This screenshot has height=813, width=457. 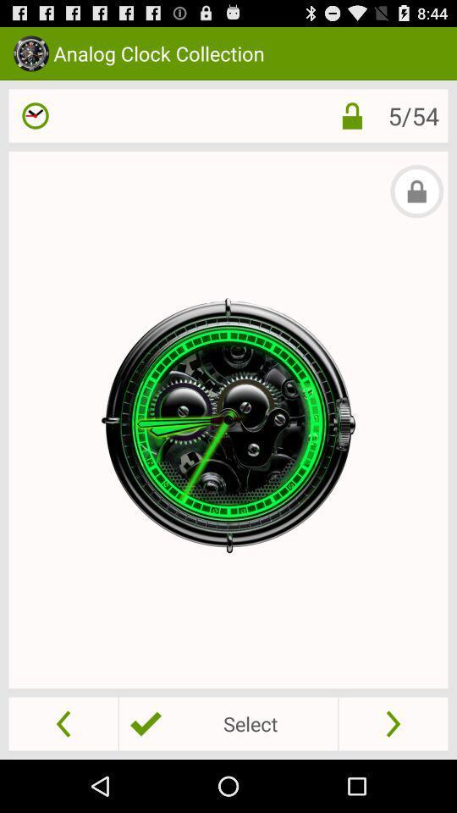 I want to click on a button that lets you see the previous clock, so click(x=63, y=722).